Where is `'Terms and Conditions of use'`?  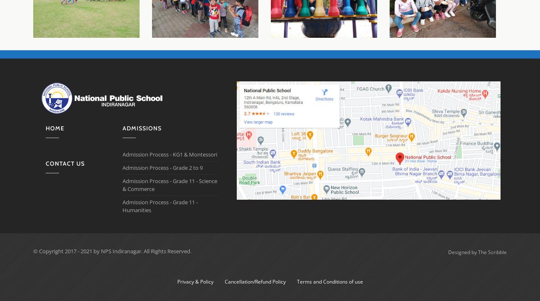 'Terms and Conditions of use' is located at coordinates (329, 281).